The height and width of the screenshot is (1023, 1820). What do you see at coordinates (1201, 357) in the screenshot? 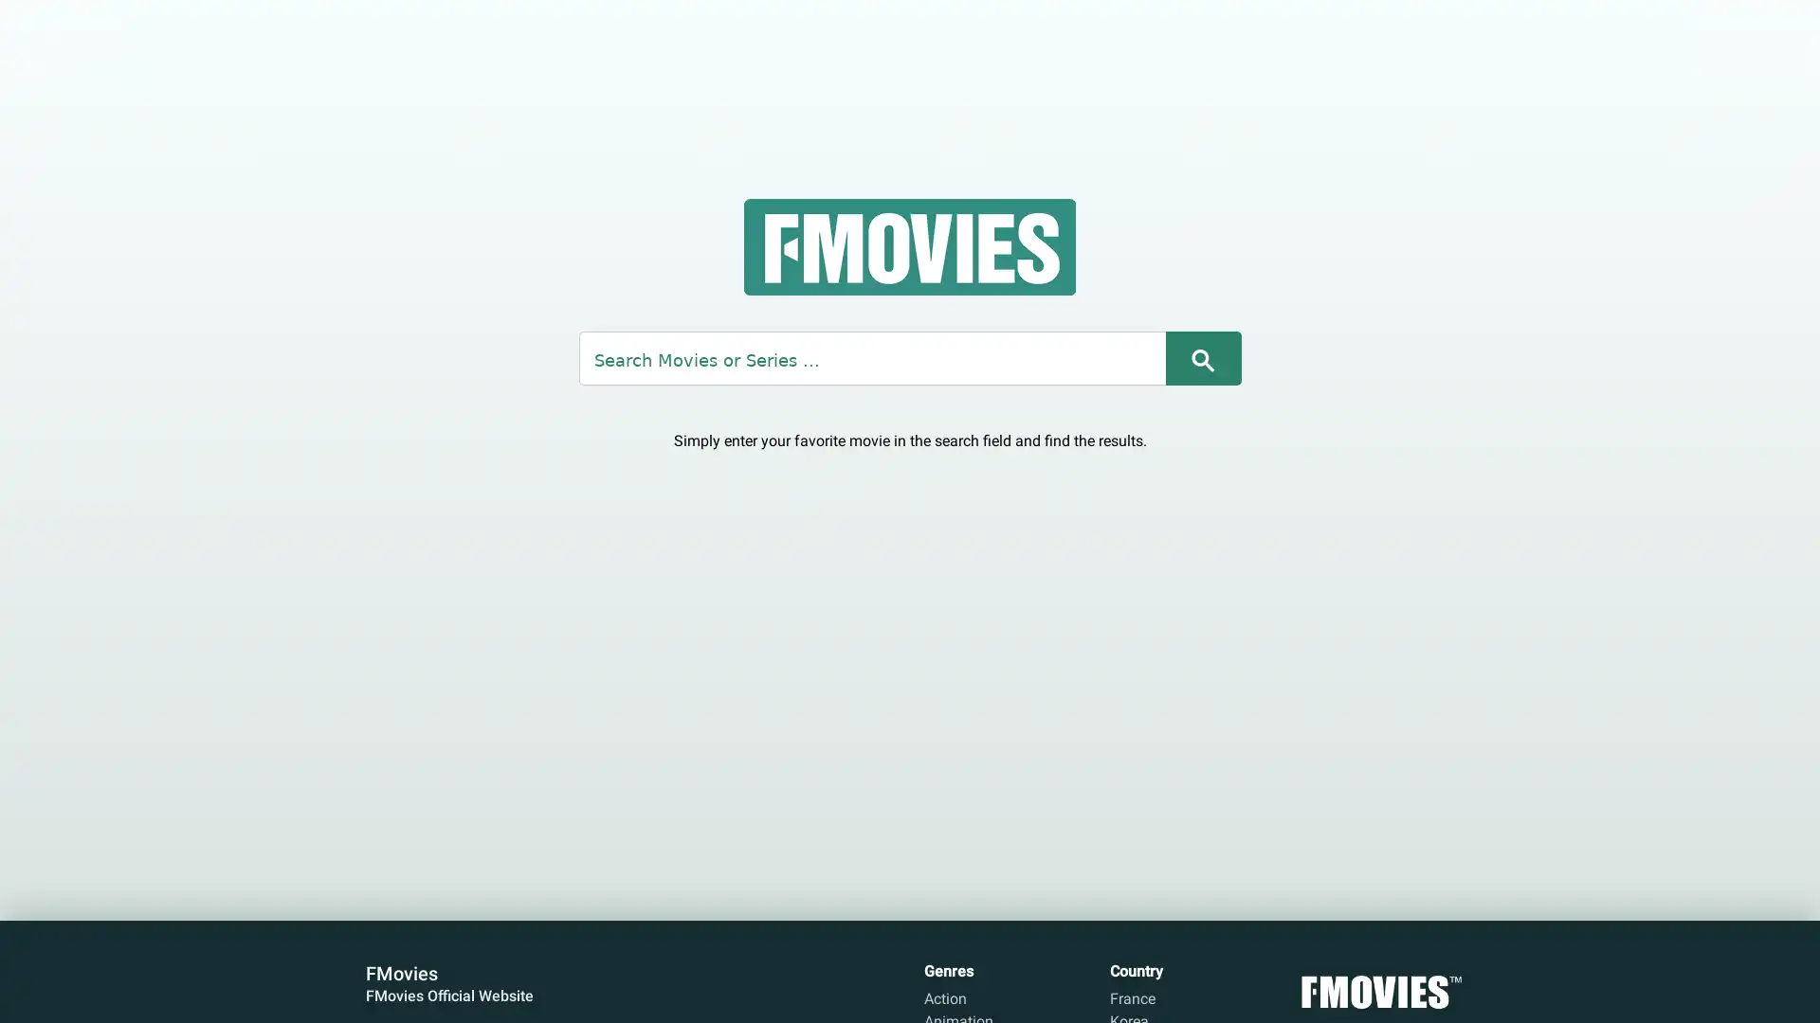
I see `search` at bounding box center [1201, 357].